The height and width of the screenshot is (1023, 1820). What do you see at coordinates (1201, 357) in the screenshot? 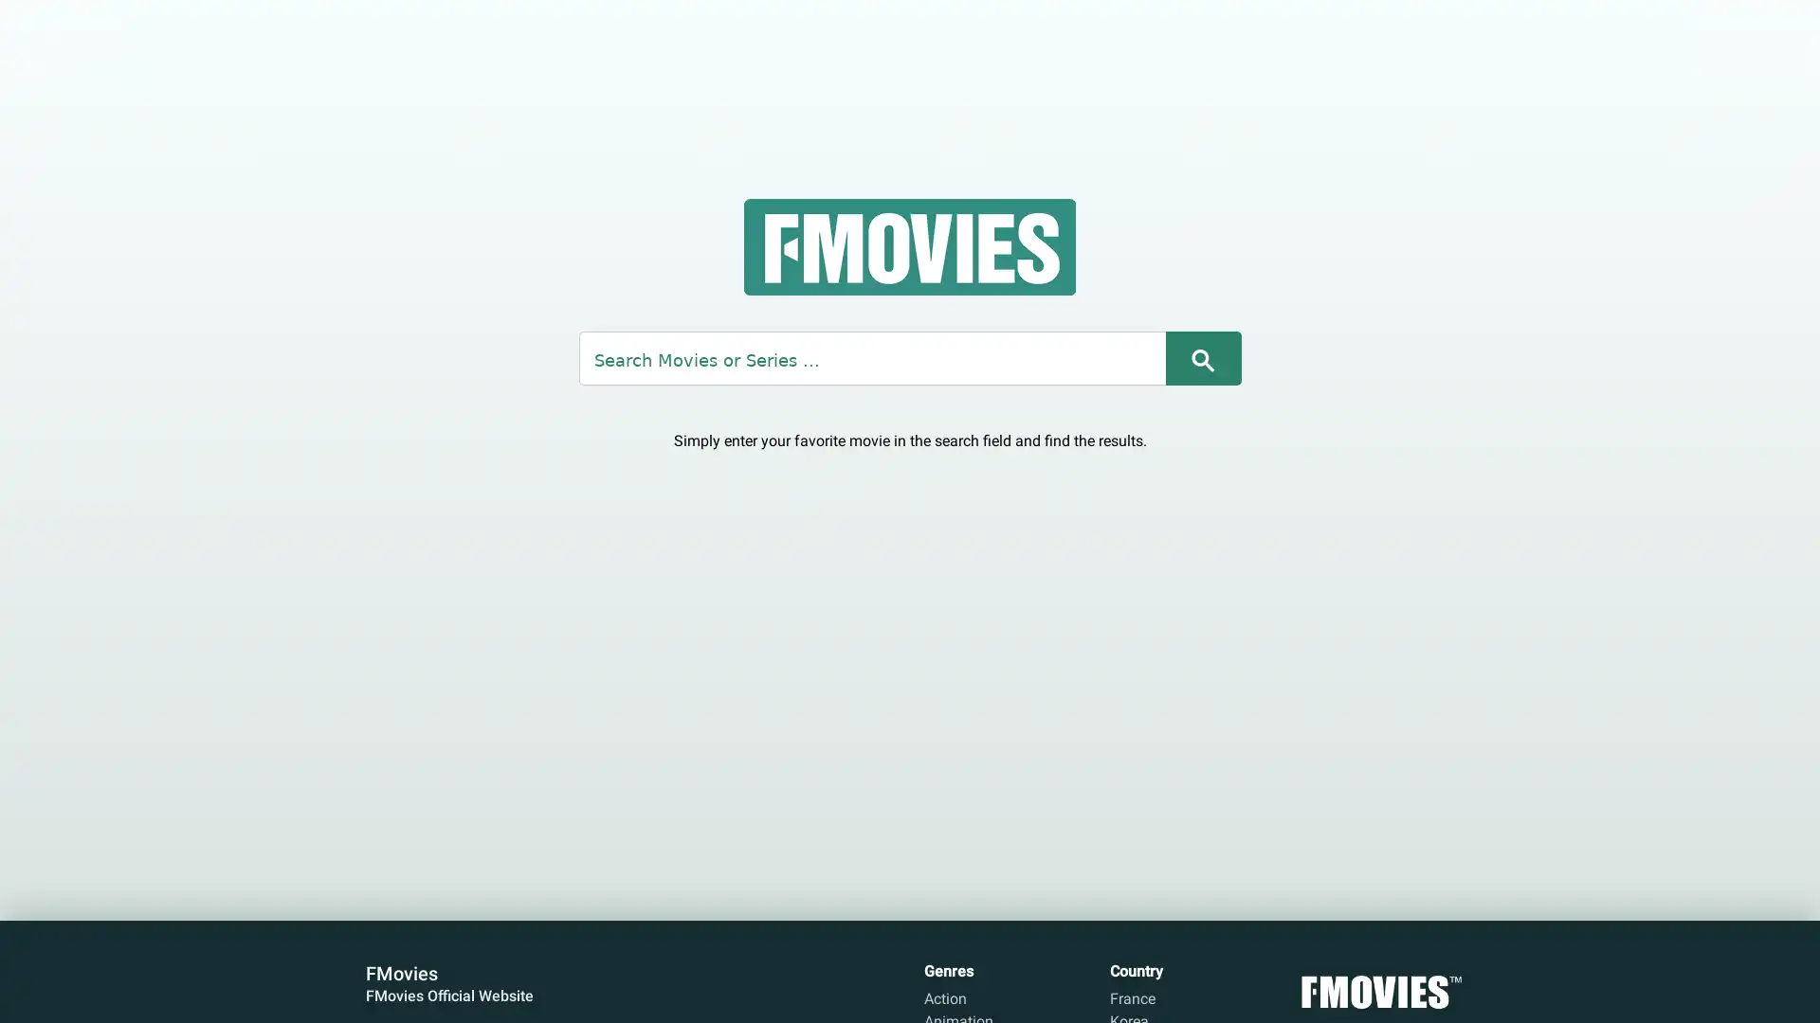
I see `search` at bounding box center [1201, 357].